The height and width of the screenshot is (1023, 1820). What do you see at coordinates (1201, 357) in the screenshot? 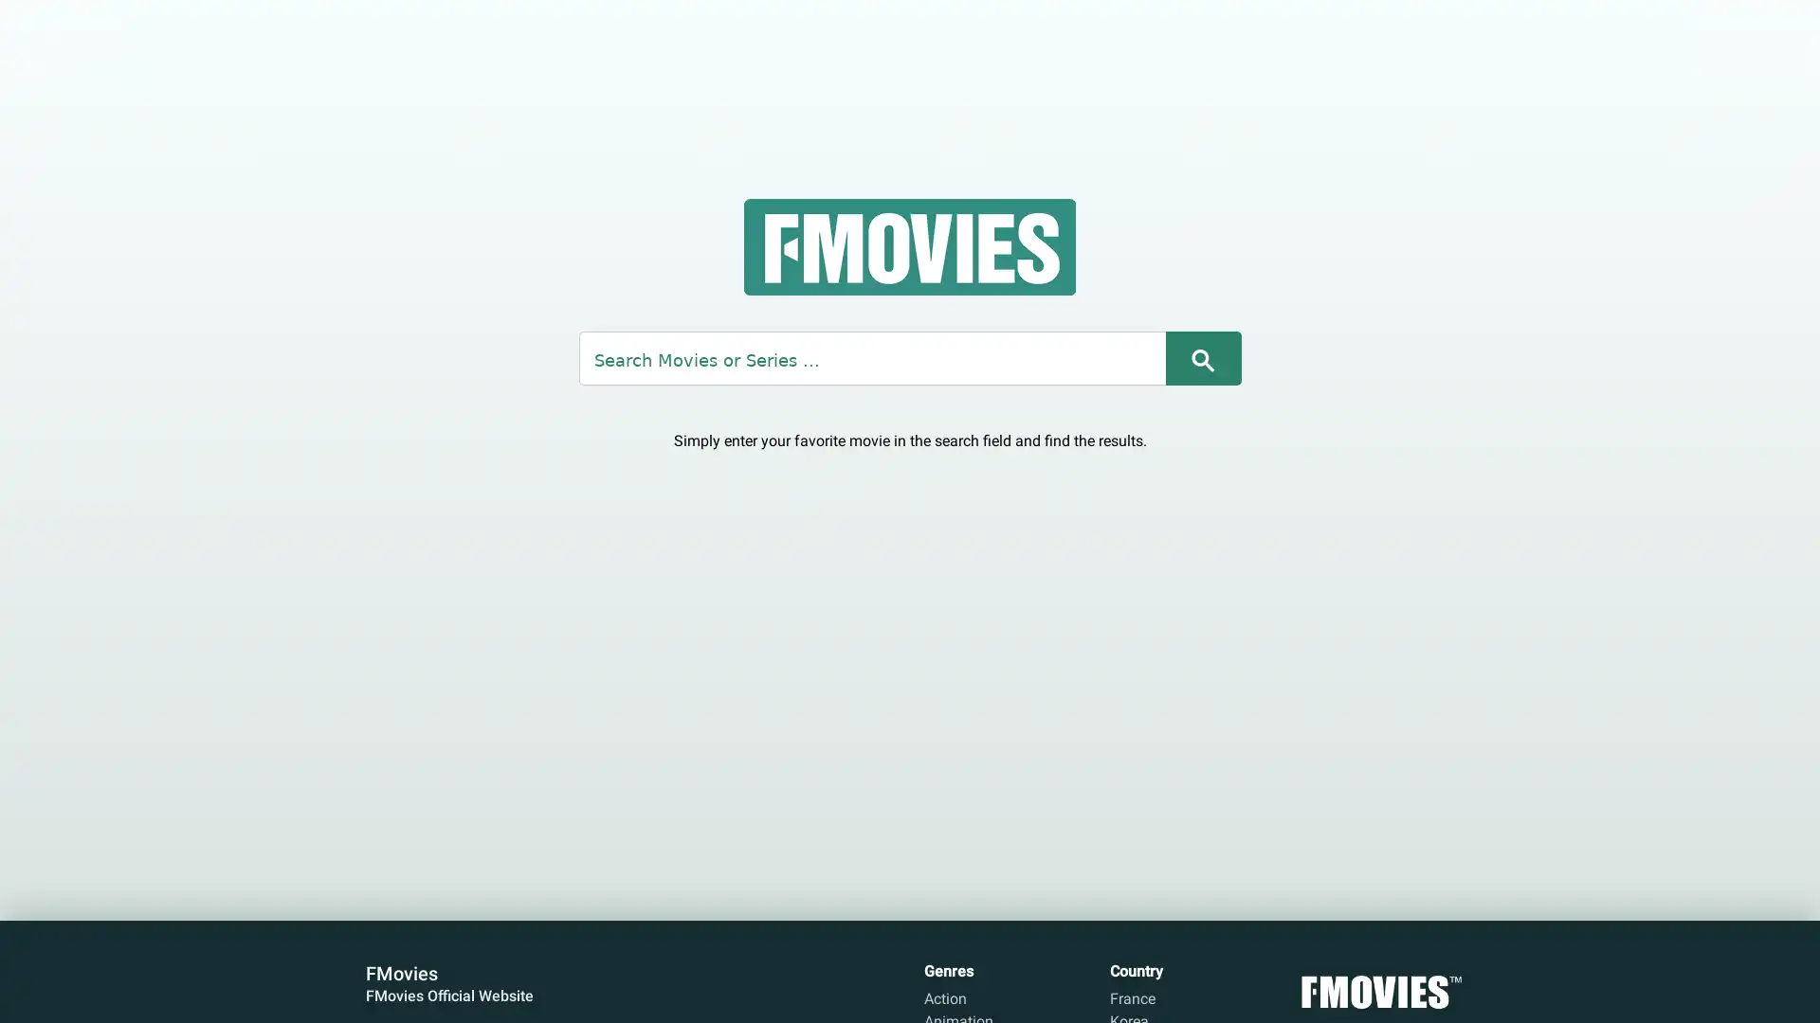
I see `search` at bounding box center [1201, 357].